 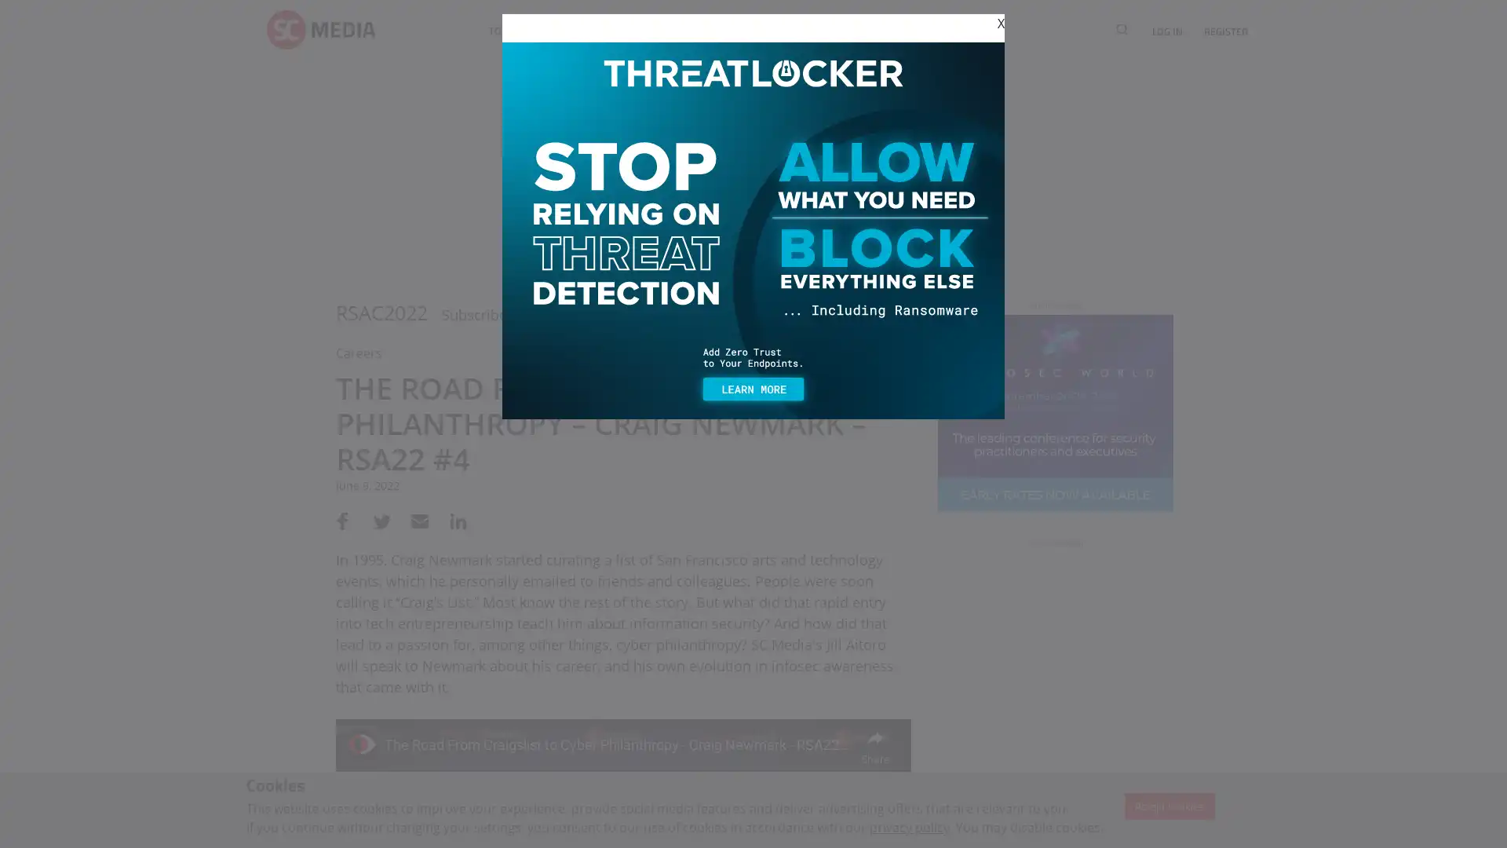 What do you see at coordinates (1169, 806) in the screenshot?
I see `Accept cookies` at bounding box center [1169, 806].